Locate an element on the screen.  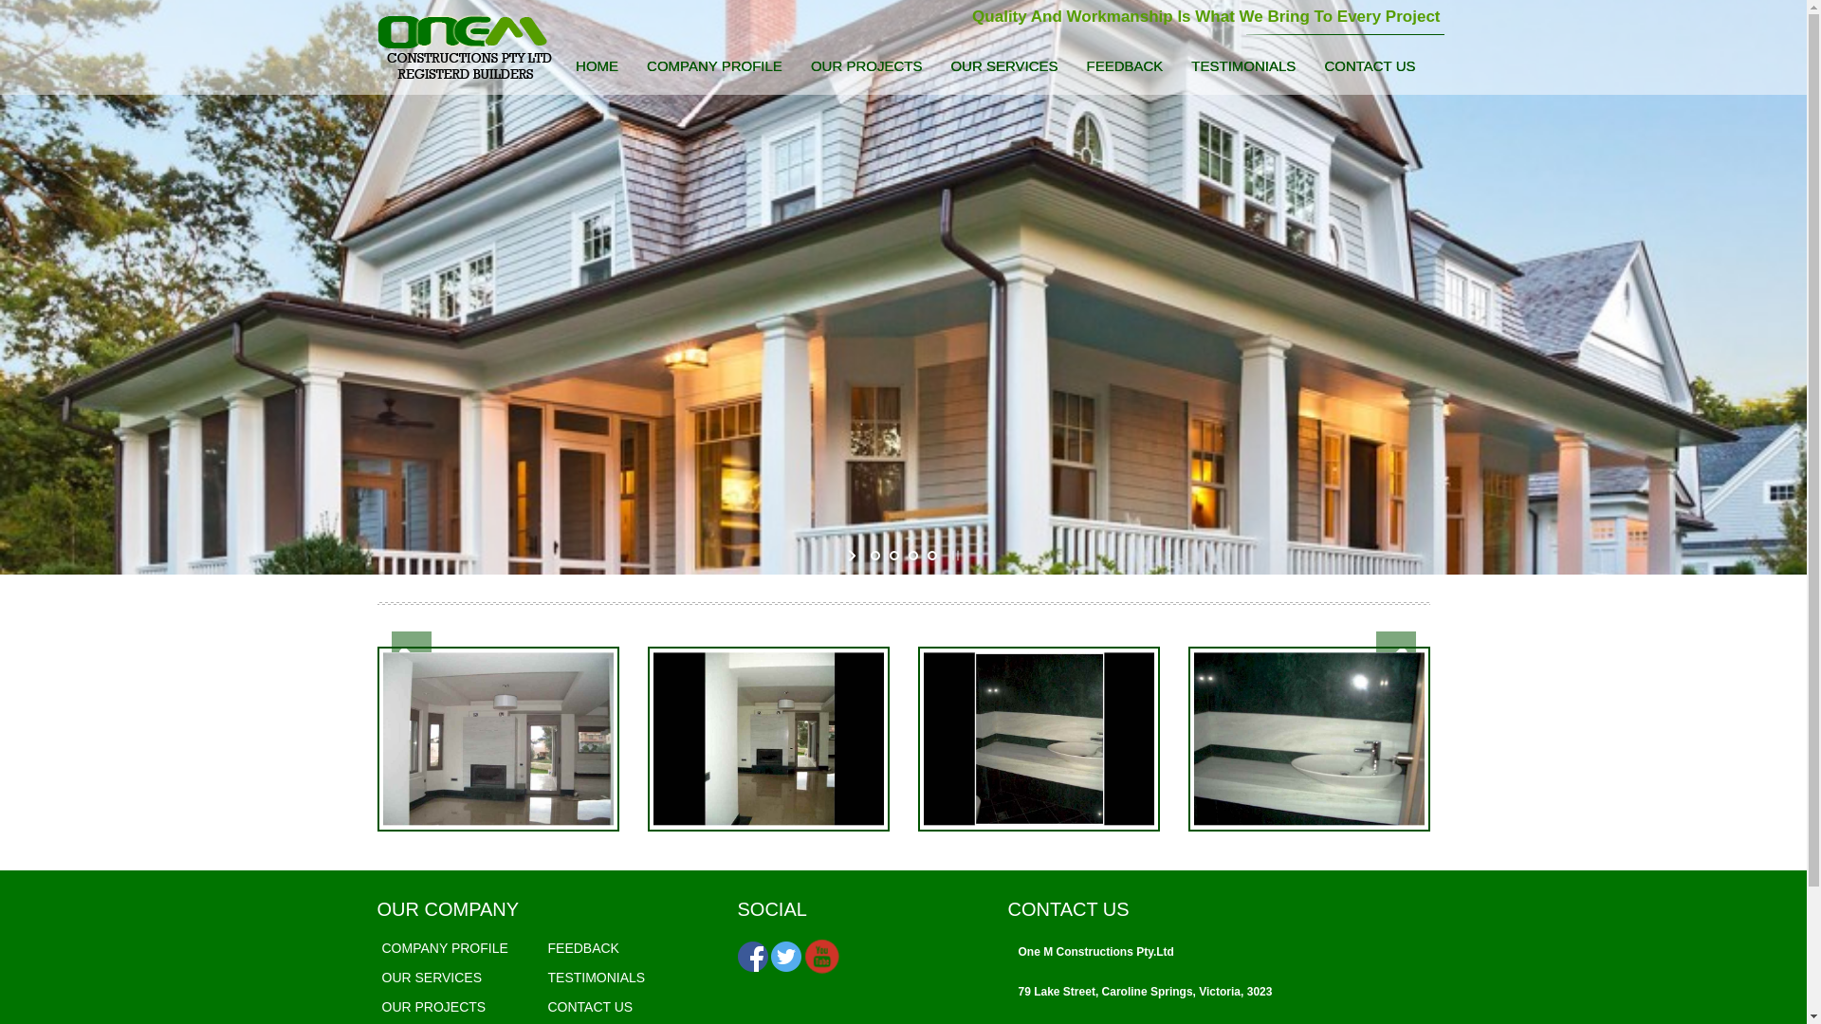
'FEEDBACK' is located at coordinates (582, 947).